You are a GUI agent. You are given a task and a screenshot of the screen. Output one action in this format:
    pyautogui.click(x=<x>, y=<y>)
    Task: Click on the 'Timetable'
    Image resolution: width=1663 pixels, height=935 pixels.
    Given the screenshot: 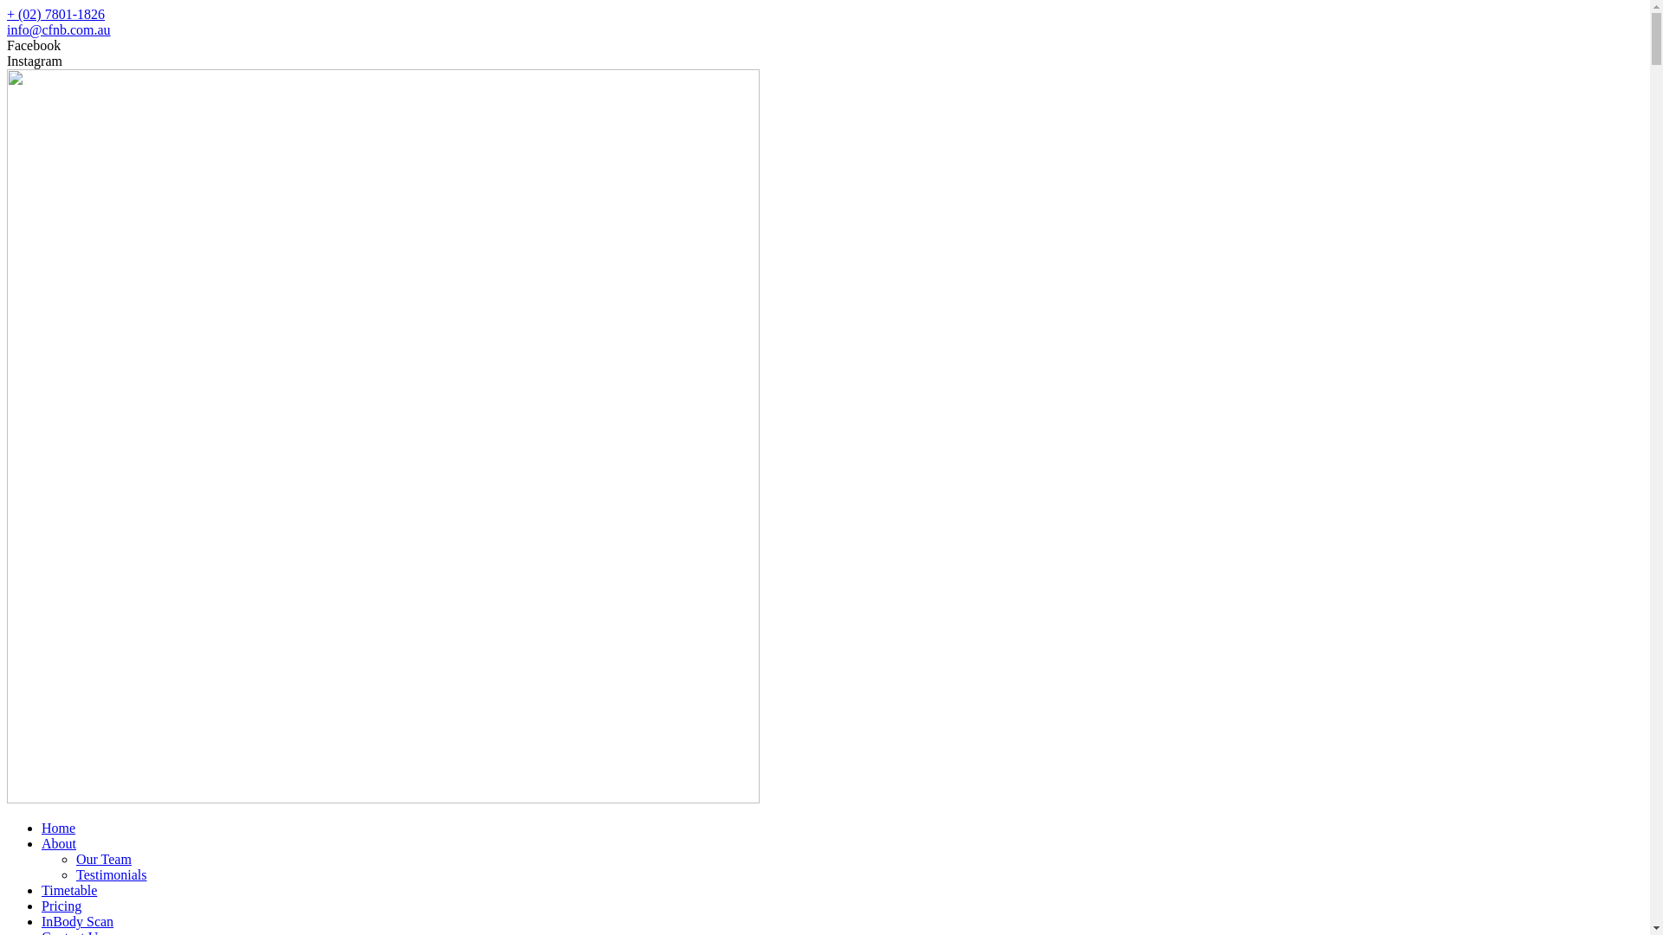 What is the action you would take?
    pyautogui.click(x=42, y=890)
    